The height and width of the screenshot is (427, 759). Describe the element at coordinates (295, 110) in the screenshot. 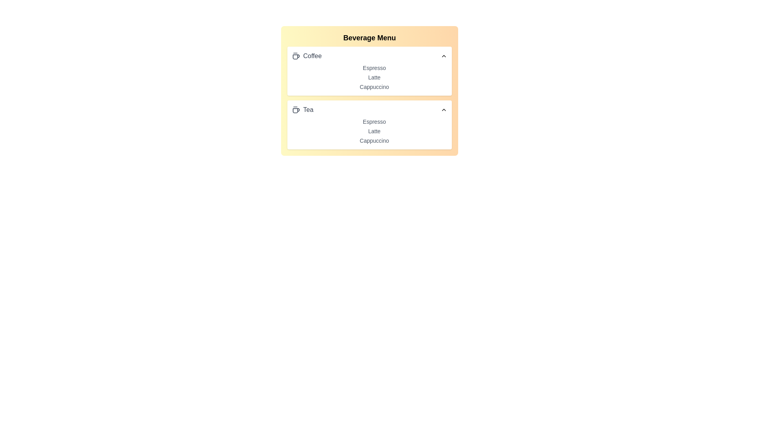

I see `the beverage icon for tea` at that location.